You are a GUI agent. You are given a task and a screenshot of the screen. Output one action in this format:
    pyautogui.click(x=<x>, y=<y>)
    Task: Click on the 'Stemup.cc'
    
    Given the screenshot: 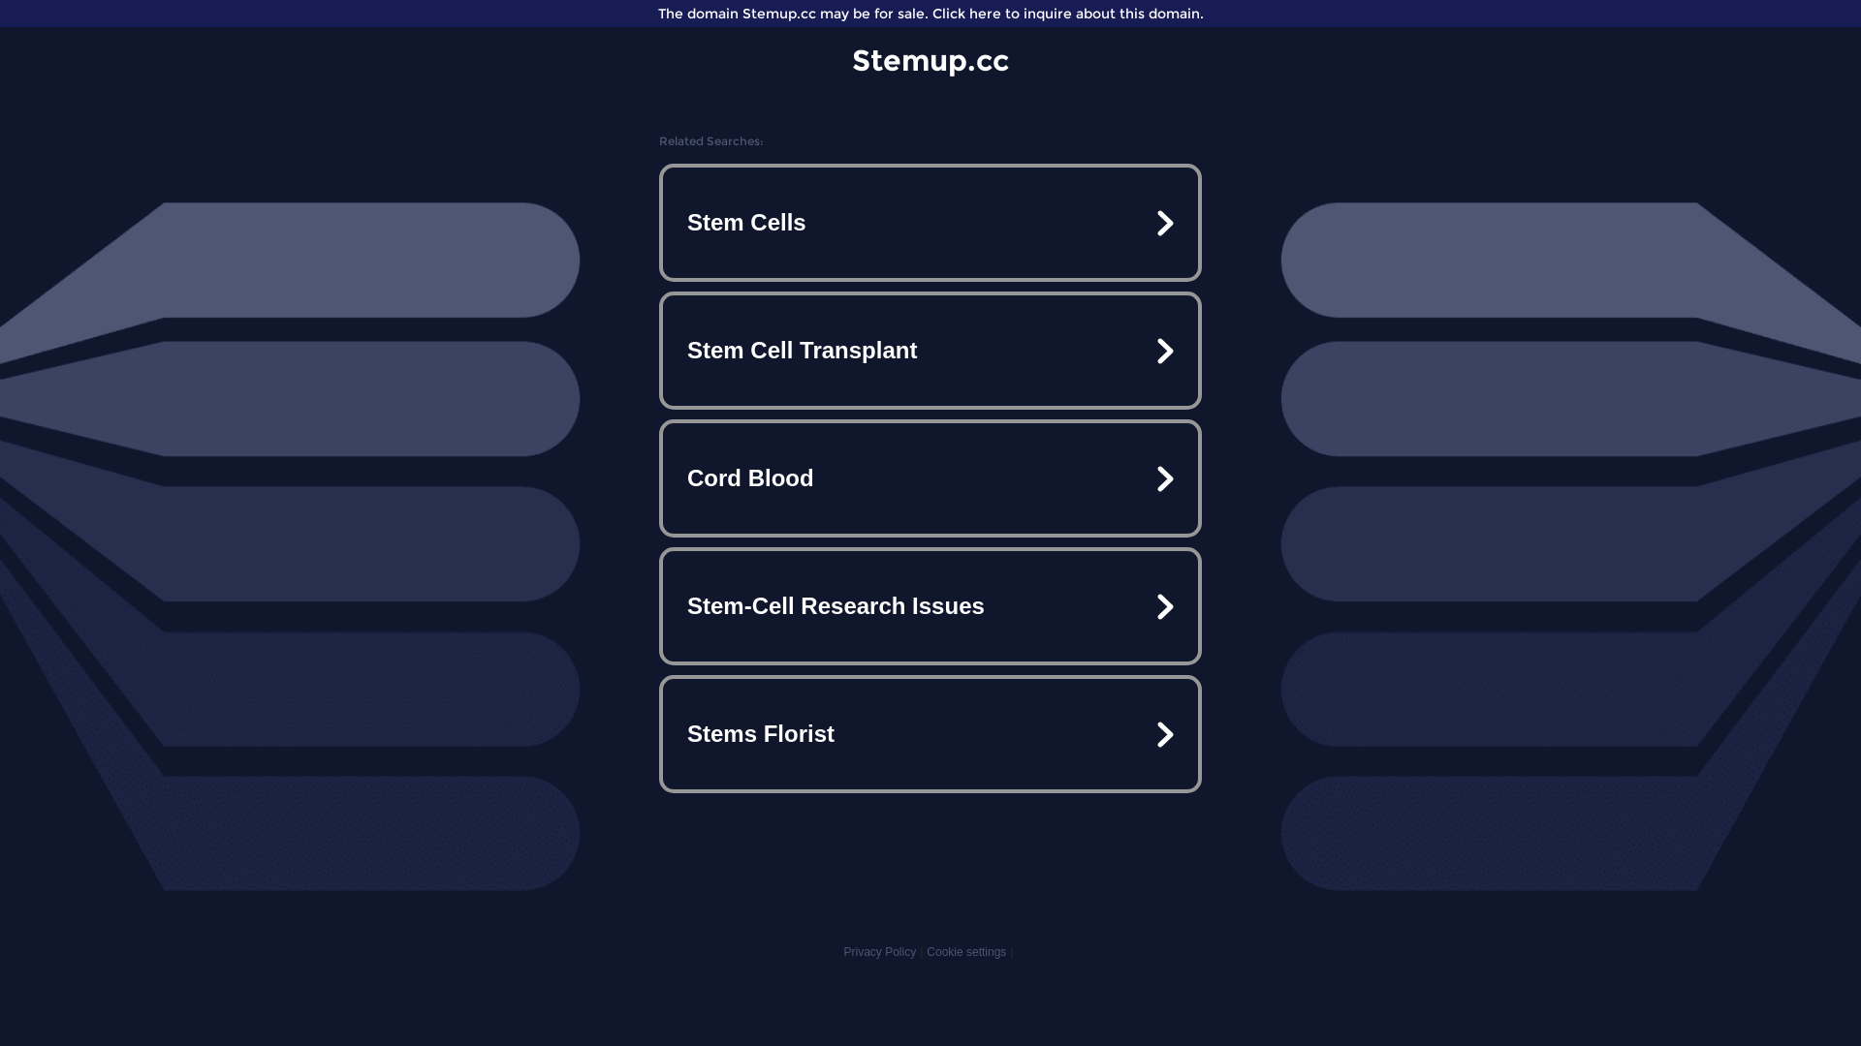 What is the action you would take?
    pyautogui.click(x=930, y=59)
    